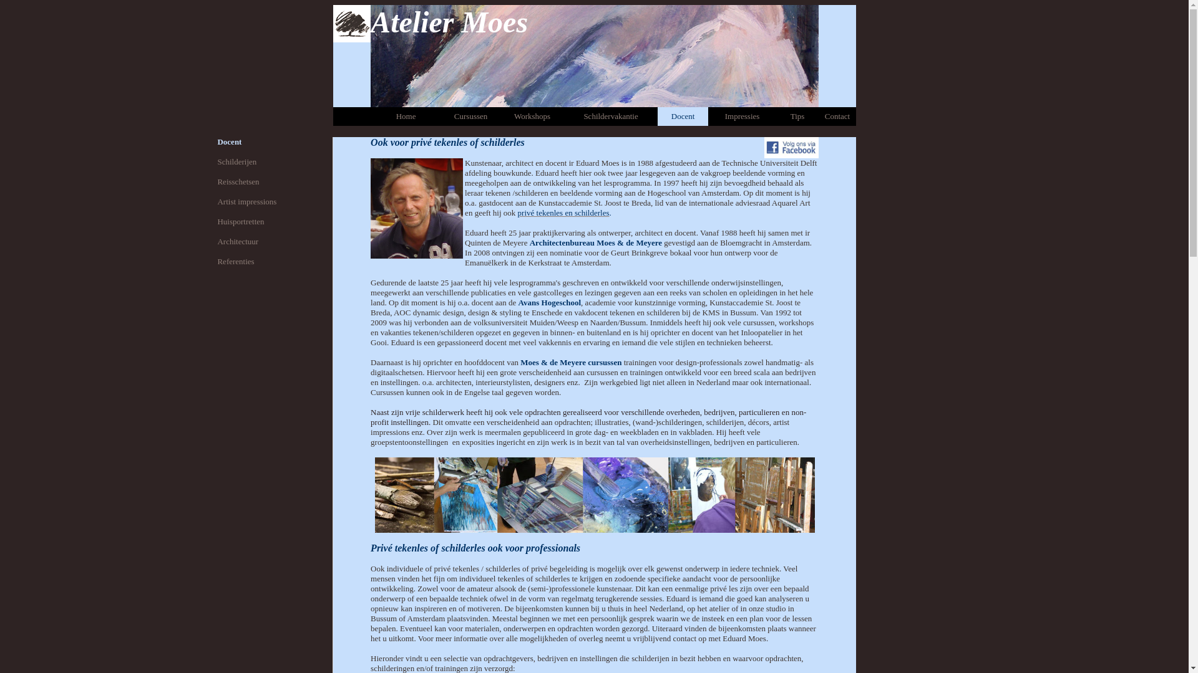 The image size is (1198, 673). What do you see at coordinates (570, 362) in the screenshot?
I see `'Moes & de Meyere cursussen'` at bounding box center [570, 362].